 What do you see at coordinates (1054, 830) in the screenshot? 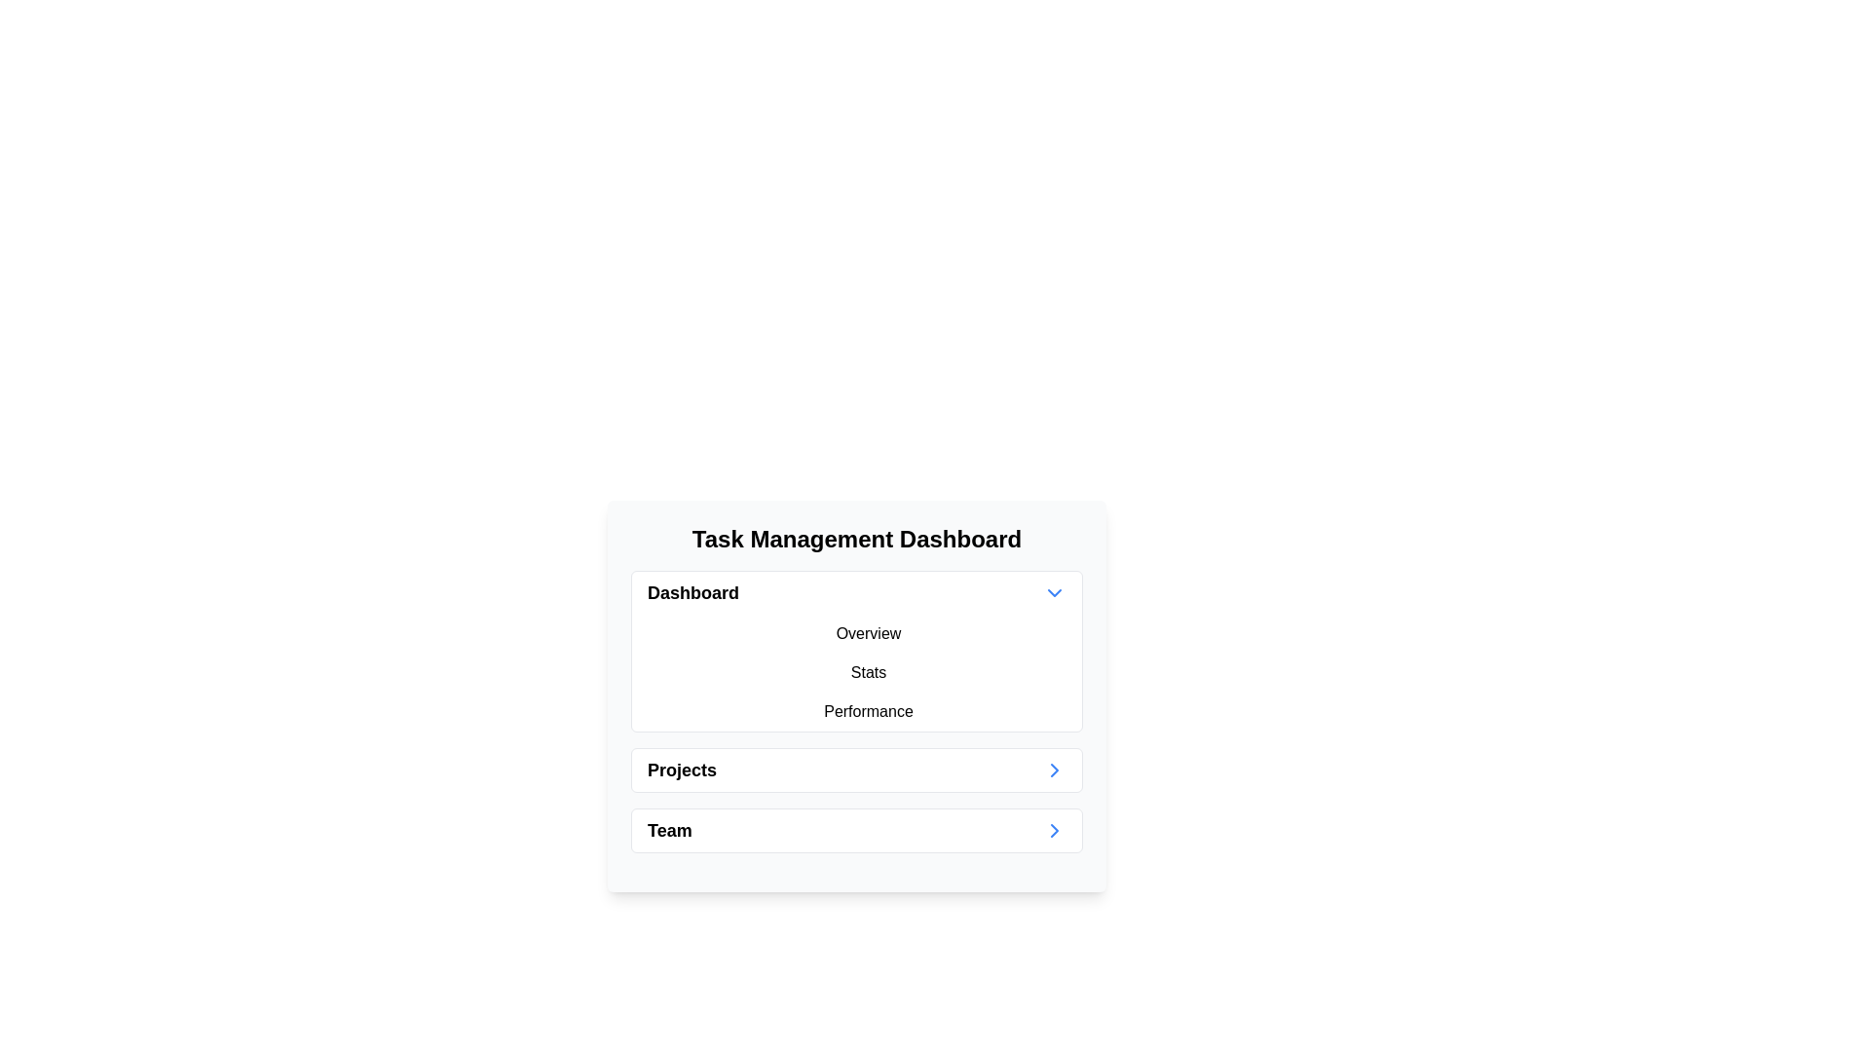
I see `the navigation icon located at the far-right end of the row aligned with the 'Team' label` at bounding box center [1054, 830].